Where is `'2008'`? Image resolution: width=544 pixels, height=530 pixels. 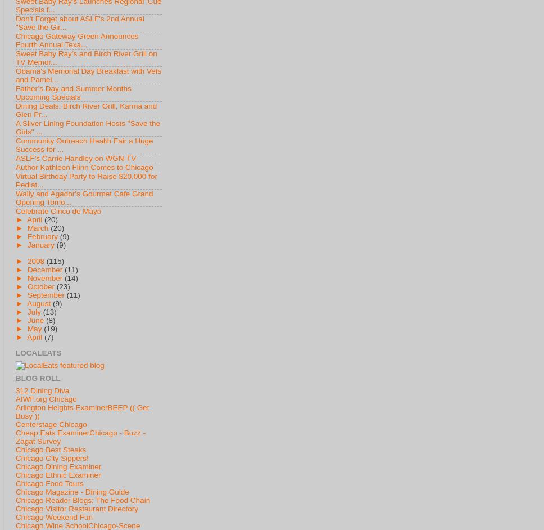
'2008' is located at coordinates (35, 260).